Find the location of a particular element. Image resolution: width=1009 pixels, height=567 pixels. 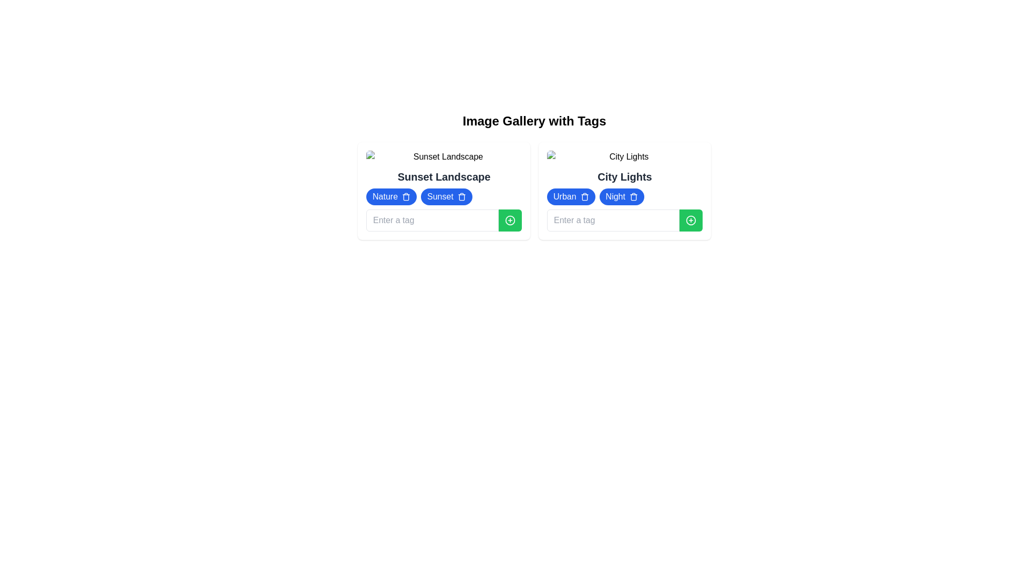

the circular green plus sign button located in the bottom-right corner of the 'City Lights' card is located at coordinates (510, 220).